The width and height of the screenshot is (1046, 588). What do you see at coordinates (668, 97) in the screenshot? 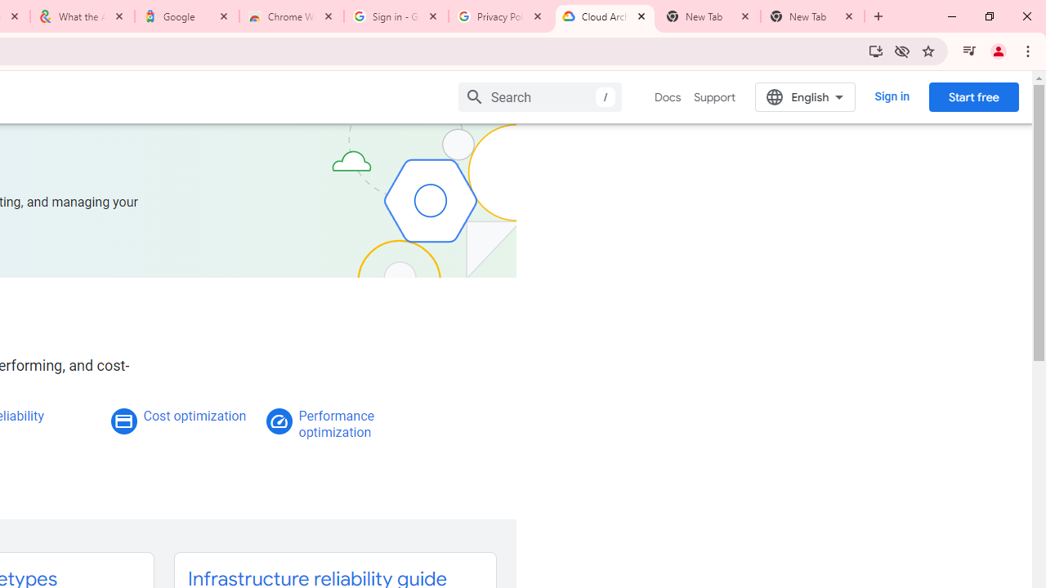
I see `'Docs'` at bounding box center [668, 97].